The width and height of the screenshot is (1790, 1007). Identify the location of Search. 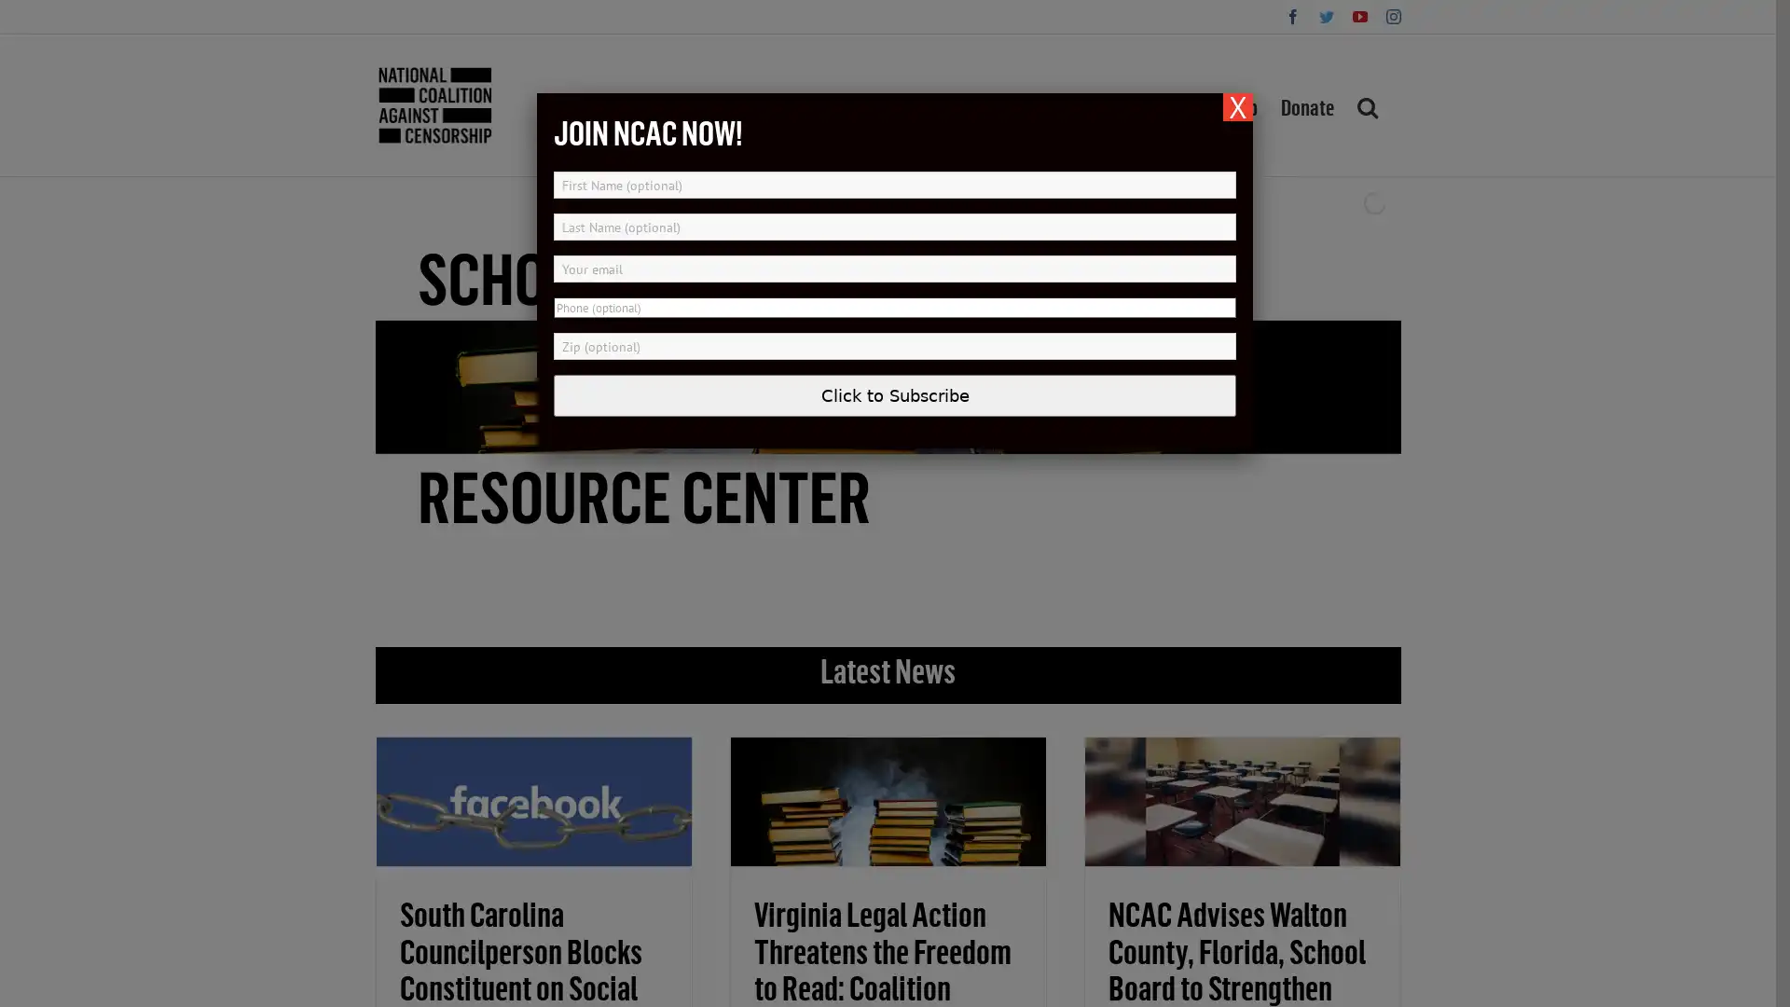
(1366, 104).